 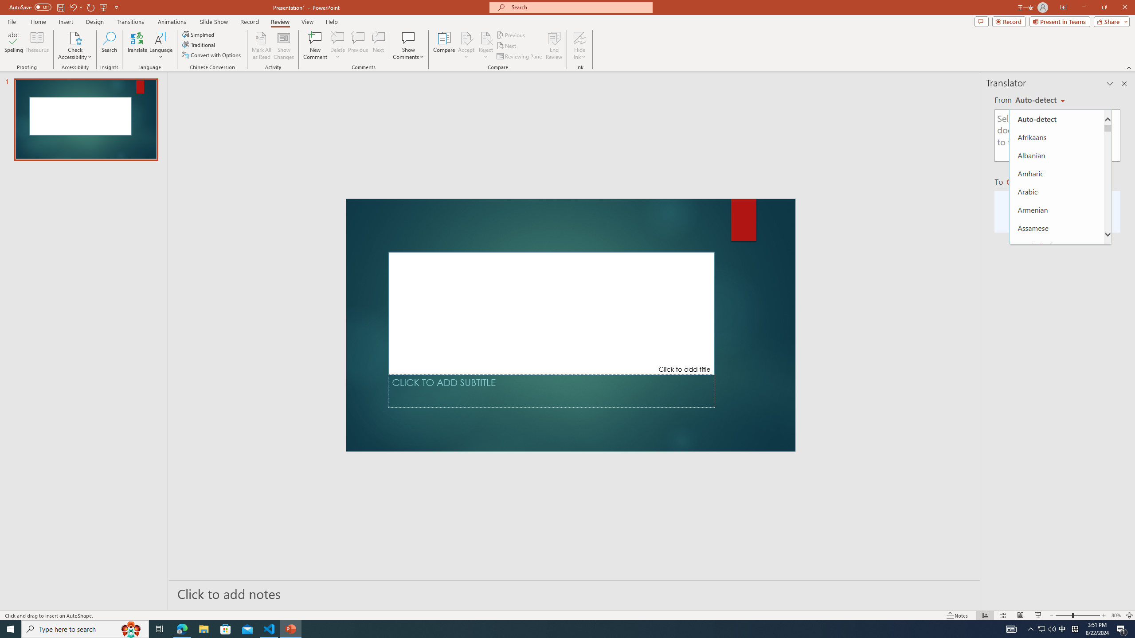 What do you see at coordinates (1056, 137) in the screenshot?
I see `'Afrikaans'` at bounding box center [1056, 137].